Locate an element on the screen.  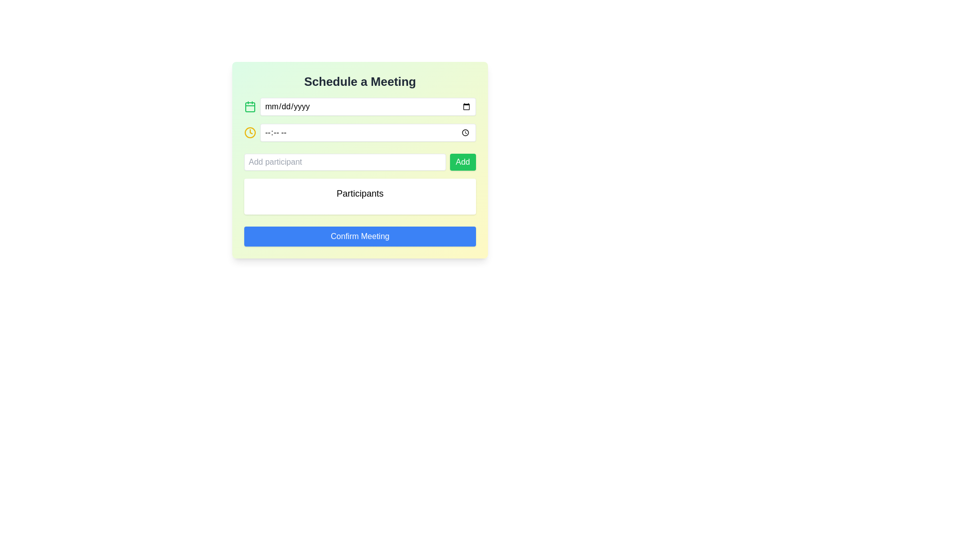
the Decorative icon (clock symbol) located to the left of the time input field within the scheduling components of the form is located at coordinates (250, 132).